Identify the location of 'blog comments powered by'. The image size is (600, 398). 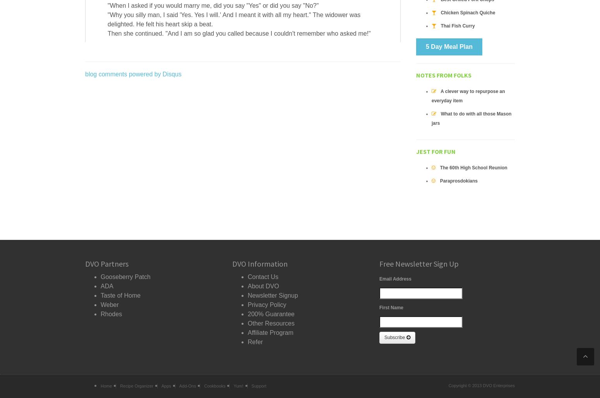
(123, 74).